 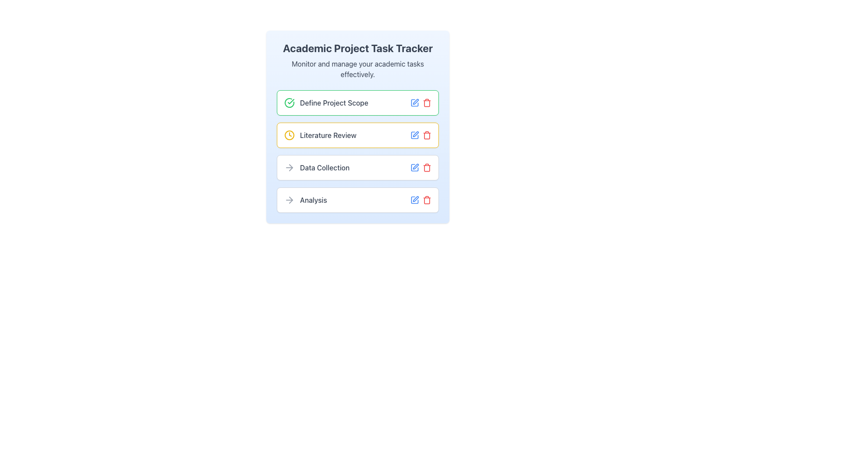 I want to click on the 'Analysis' task button located in the vertical stack of task cards in the central panel, specifically the last card below 'Data Collection', so click(x=305, y=200).